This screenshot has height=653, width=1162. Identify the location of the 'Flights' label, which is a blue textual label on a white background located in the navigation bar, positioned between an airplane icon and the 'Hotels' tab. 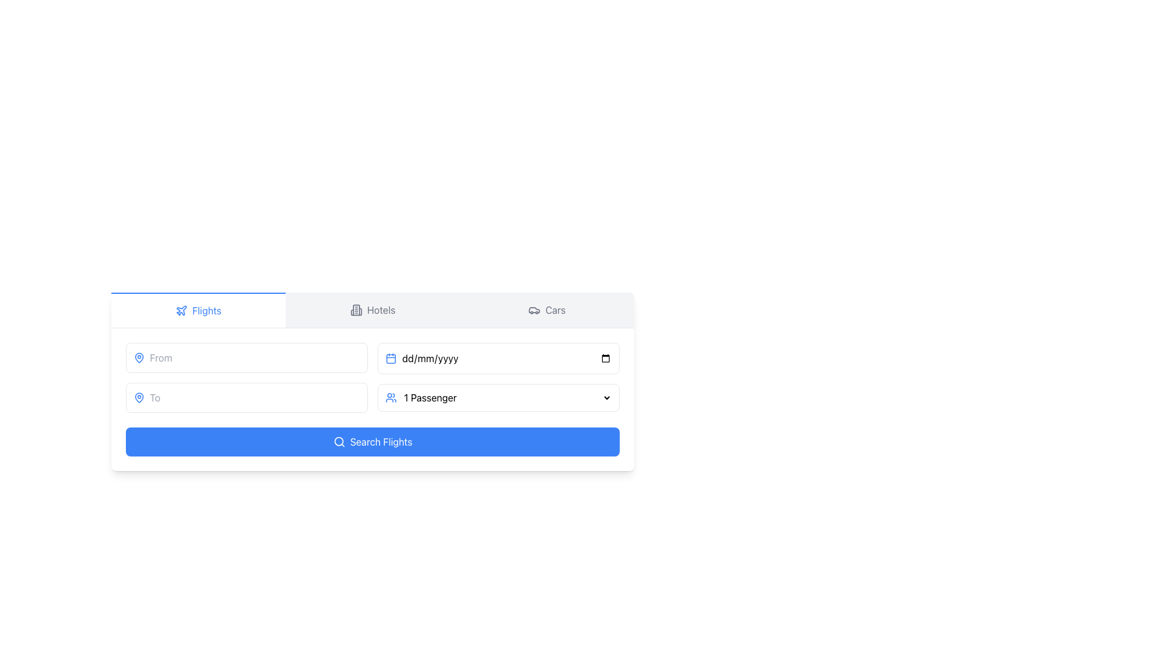
(206, 310).